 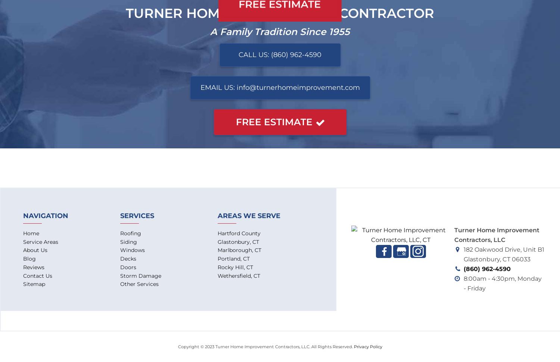 What do you see at coordinates (37, 275) in the screenshot?
I see `'Contact Us'` at bounding box center [37, 275].